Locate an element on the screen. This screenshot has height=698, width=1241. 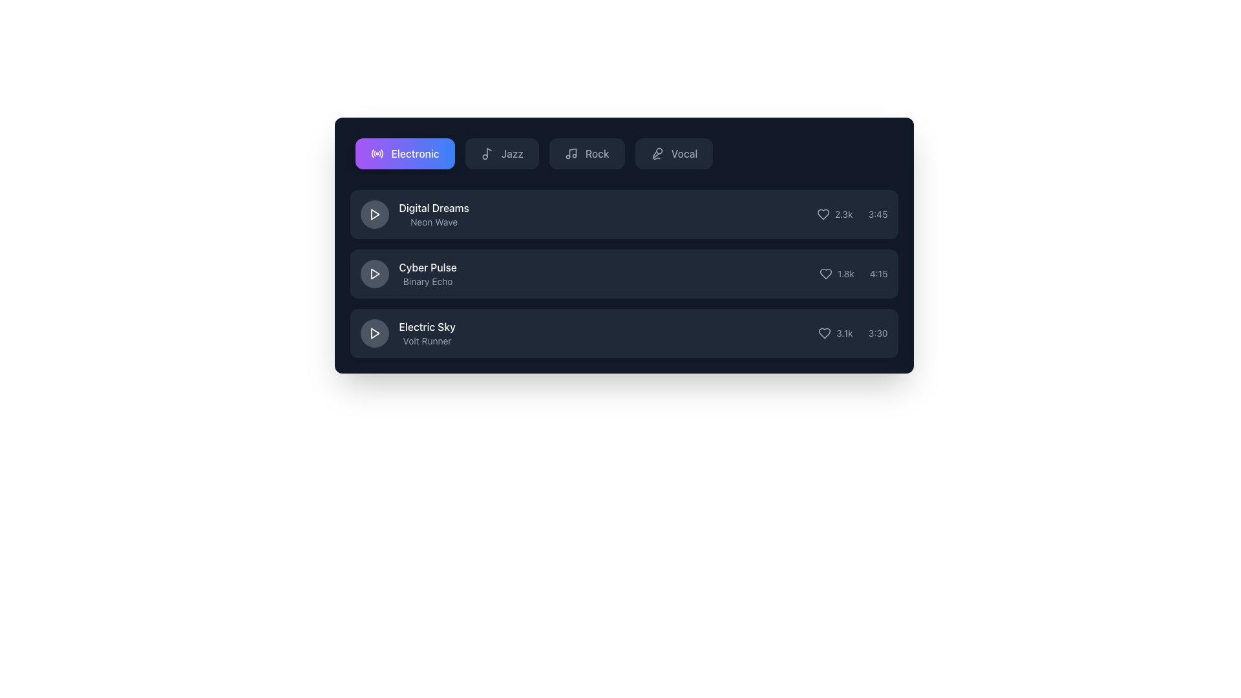
the heart-shaped icon located in the third list entry of the interface is located at coordinates (824, 333).